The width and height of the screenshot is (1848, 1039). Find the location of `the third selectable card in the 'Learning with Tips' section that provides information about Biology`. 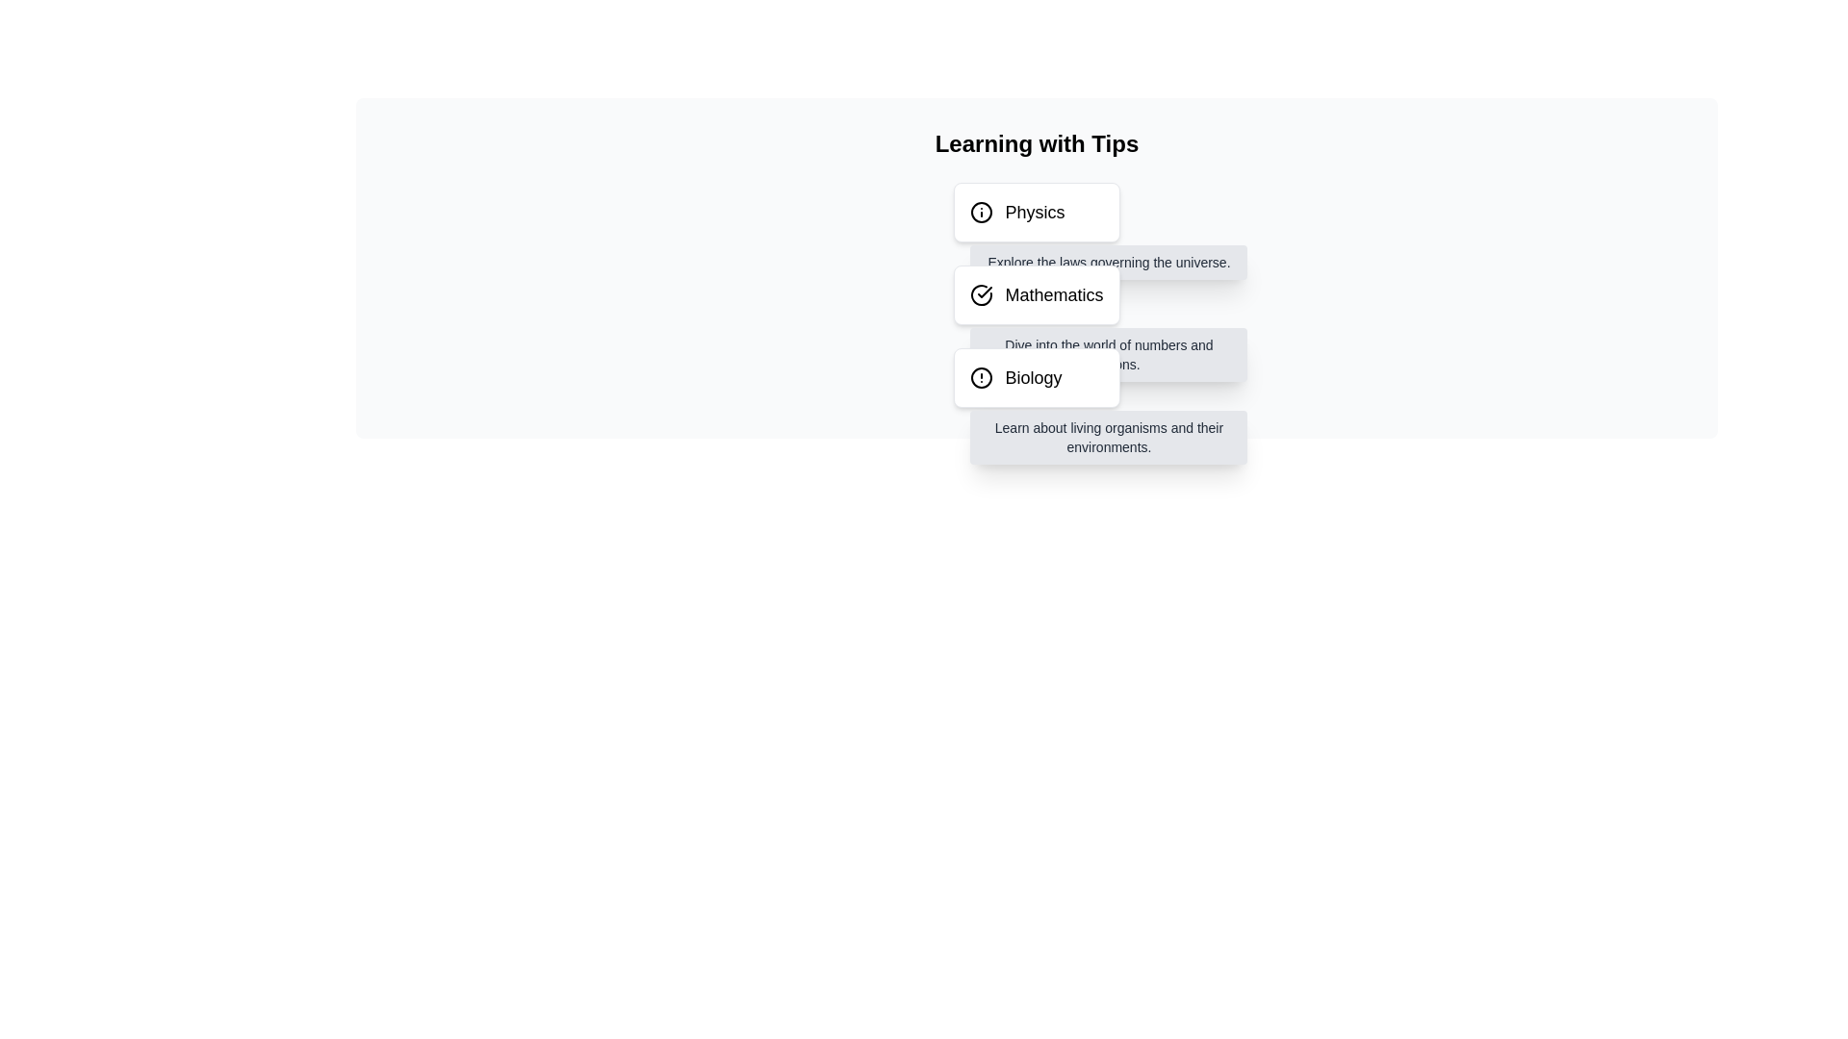

the third selectable card in the 'Learning with Tips' section that provides information about Biology is located at coordinates (1036, 378).